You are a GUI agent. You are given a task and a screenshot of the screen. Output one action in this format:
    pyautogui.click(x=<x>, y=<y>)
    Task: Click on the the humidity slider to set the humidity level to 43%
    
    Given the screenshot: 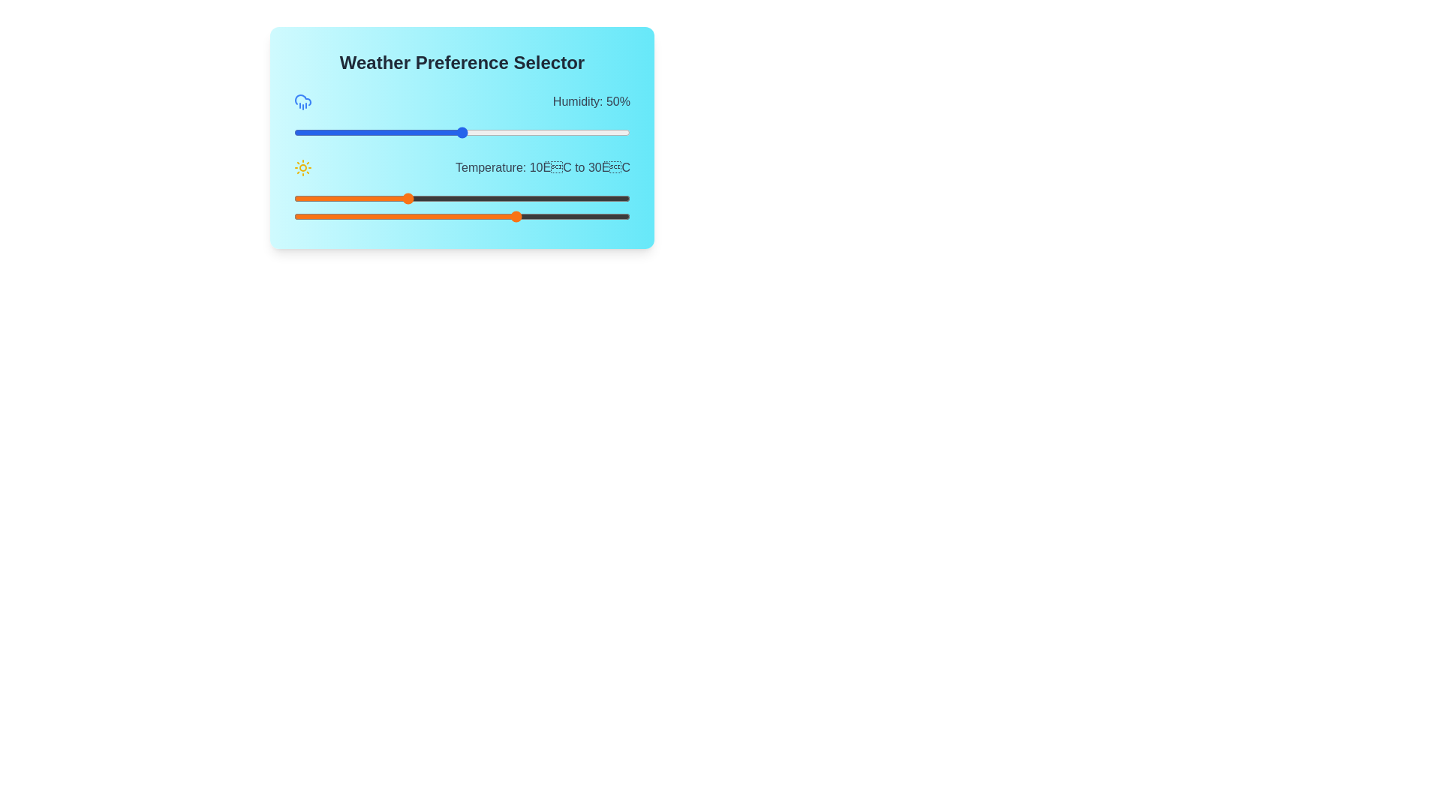 What is the action you would take?
    pyautogui.click(x=438, y=132)
    